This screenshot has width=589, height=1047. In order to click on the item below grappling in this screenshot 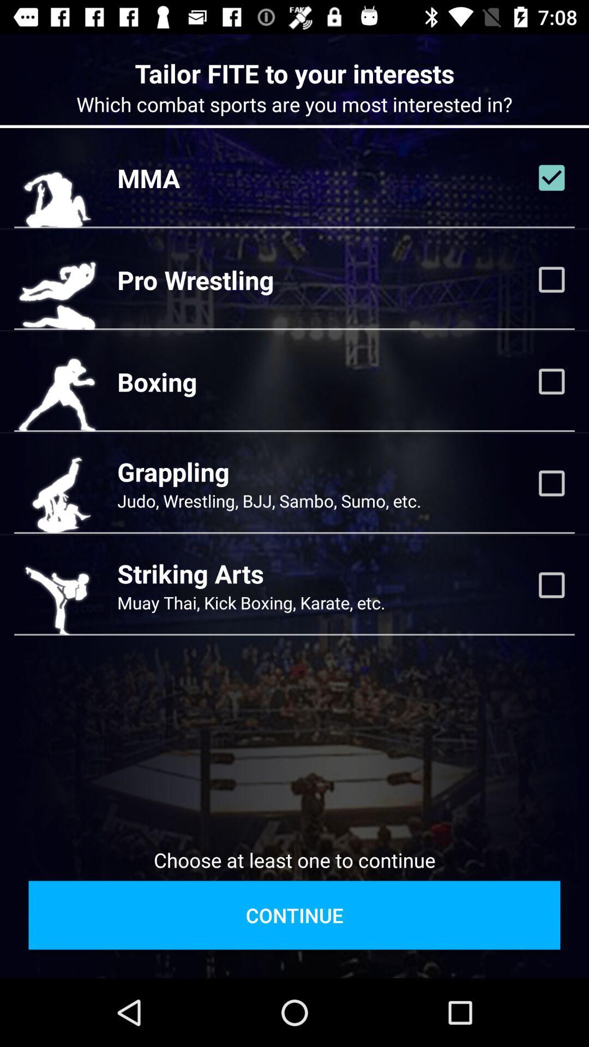, I will do `click(269, 500)`.